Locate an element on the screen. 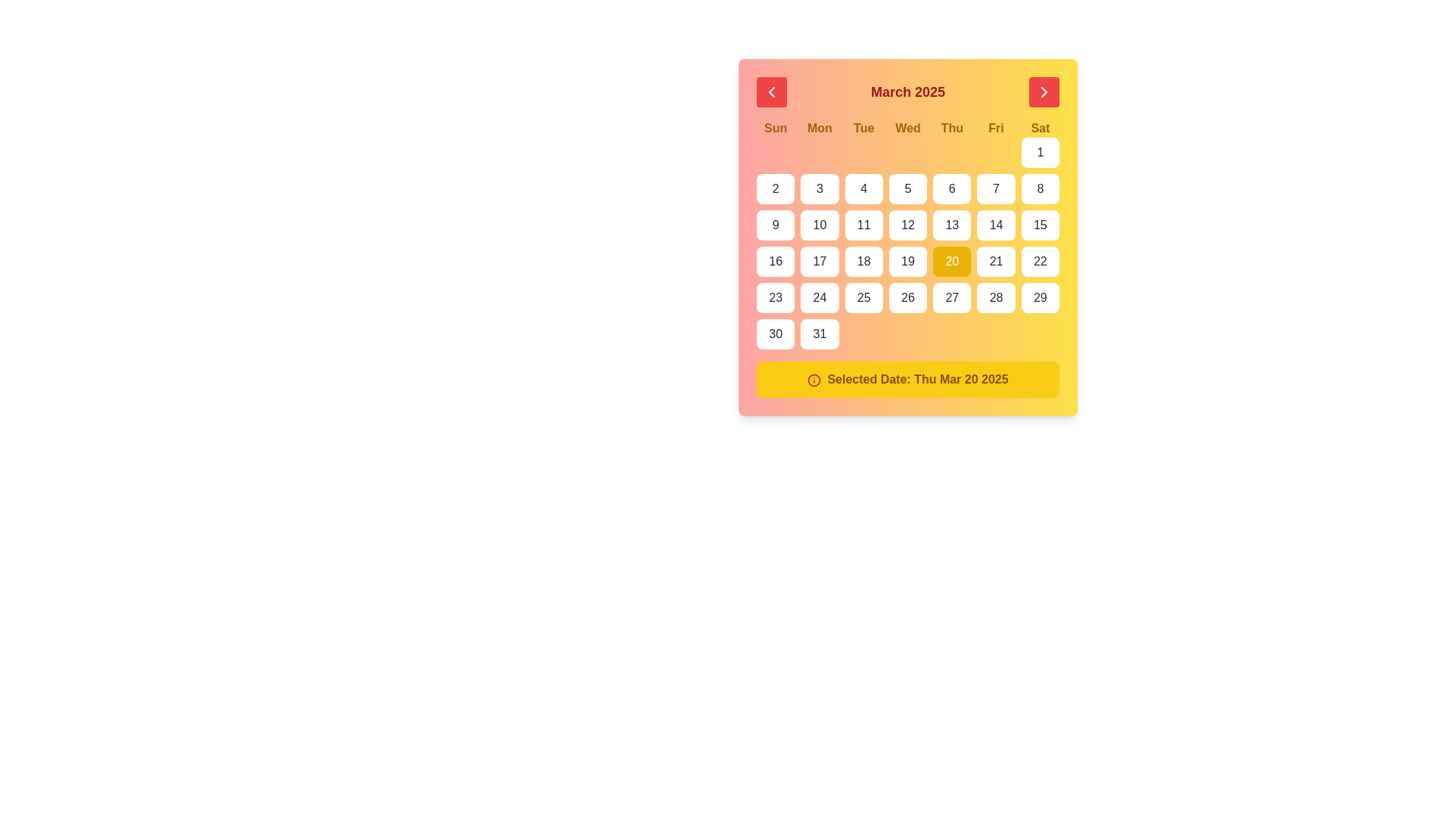 This screenshot has width=1453, height=817. the bold yellow text stating 'Selected Date: Thu Mar 20 2025' located in the highlighted section at the bottom of the calendar interface is located at coordinates (917, 378).